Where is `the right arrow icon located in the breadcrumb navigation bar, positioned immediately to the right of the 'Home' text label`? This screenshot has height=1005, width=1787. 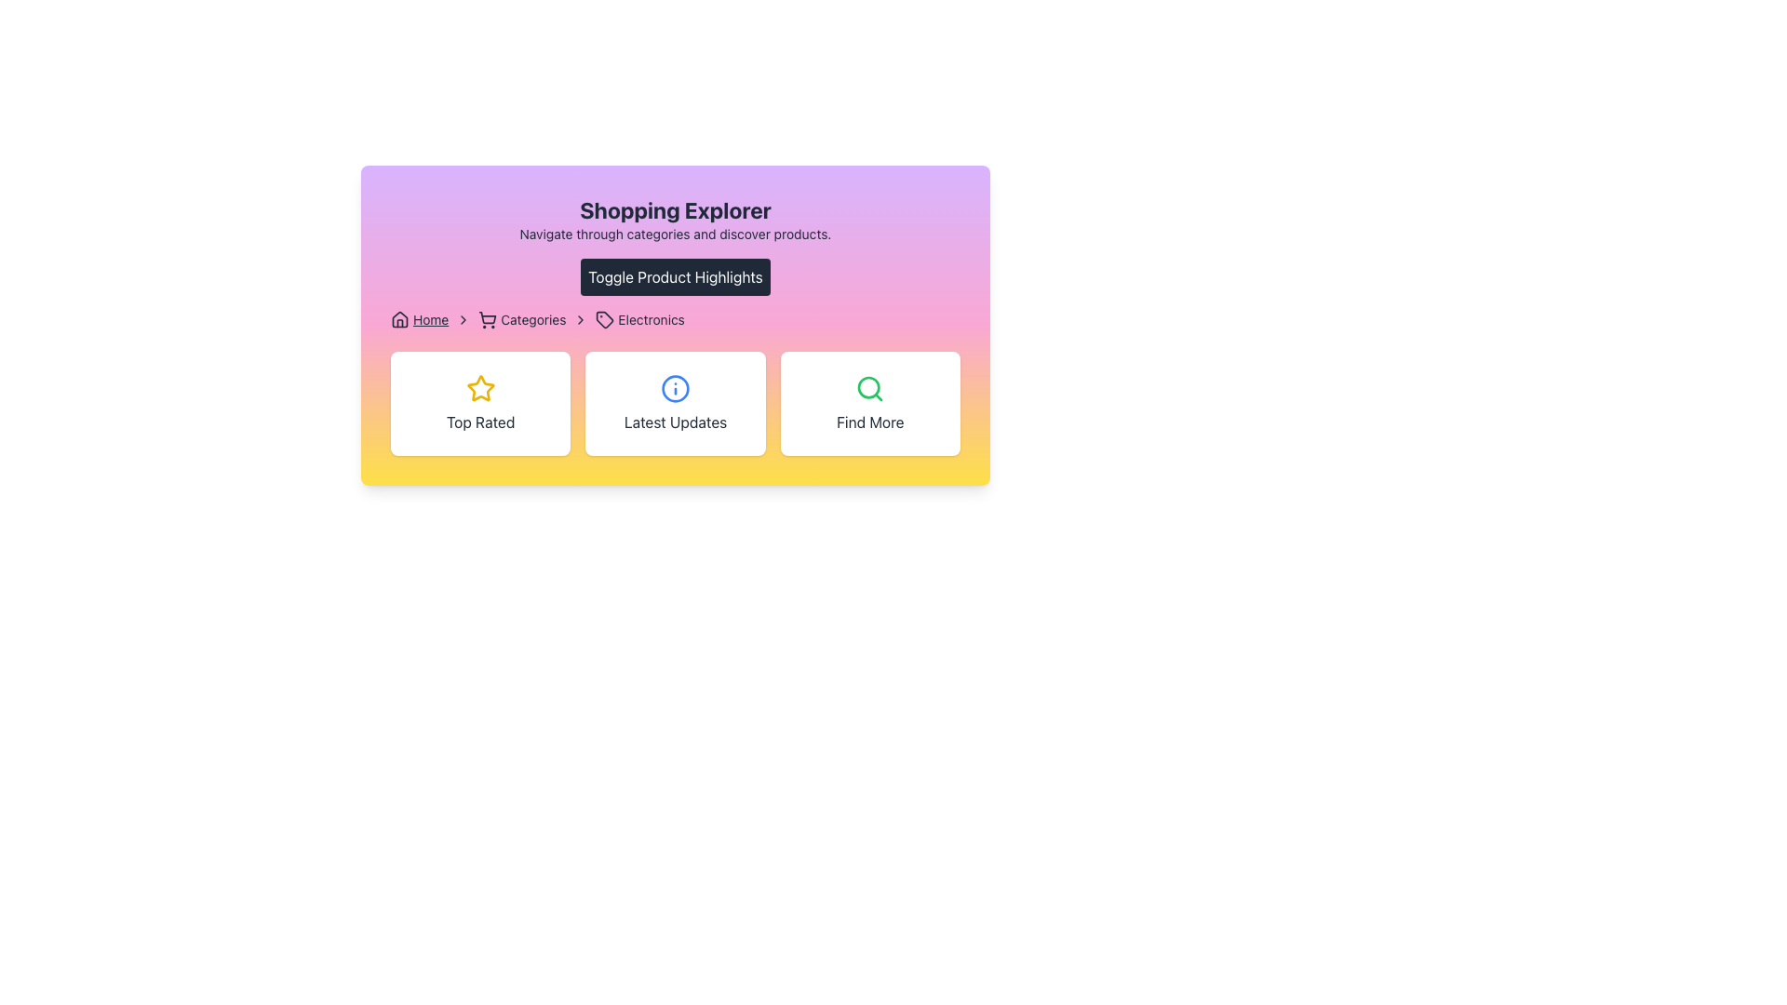
the right arrow icon located in the breadcrumb navigation bar, positioned immediately to the right of the 'Home' text label is located at coordinates (464, 318).